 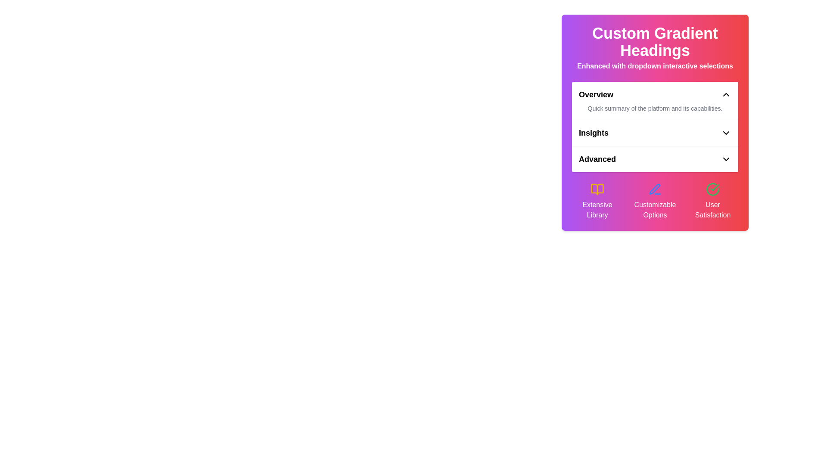 What do you see at coordinates (655, 42) in the screenshot?
I see `the prominently styled text block that reads 'Custom Gradient Headings', which features a gradient background transitioning from purple to red` at bounding box center [655, 42].